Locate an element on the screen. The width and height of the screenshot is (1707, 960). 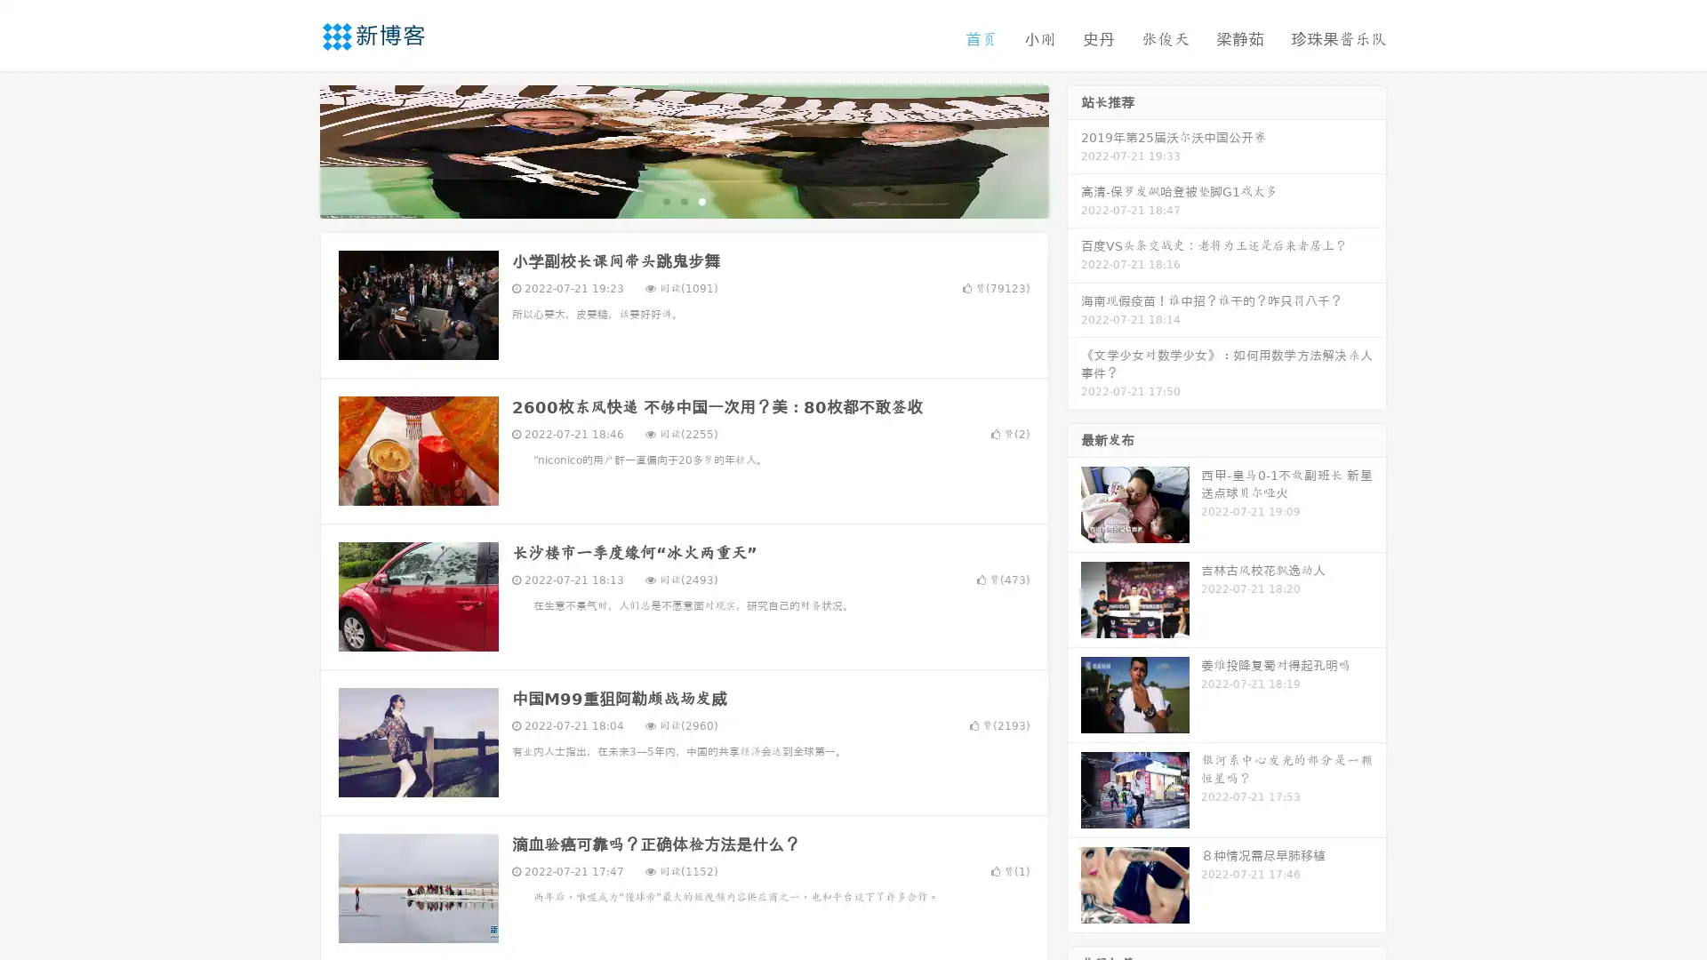
Go to slide 1 is located at coordinates (665, 200).